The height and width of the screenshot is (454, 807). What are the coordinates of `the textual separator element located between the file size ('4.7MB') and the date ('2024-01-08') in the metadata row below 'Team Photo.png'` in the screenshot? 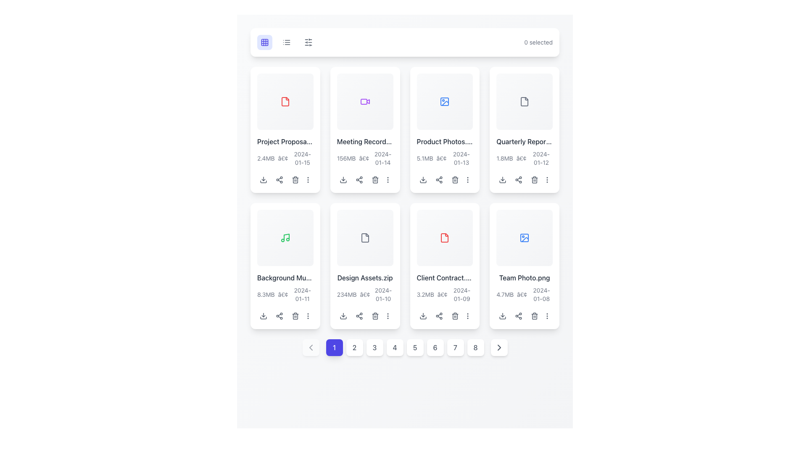 It's located at (522, 294).